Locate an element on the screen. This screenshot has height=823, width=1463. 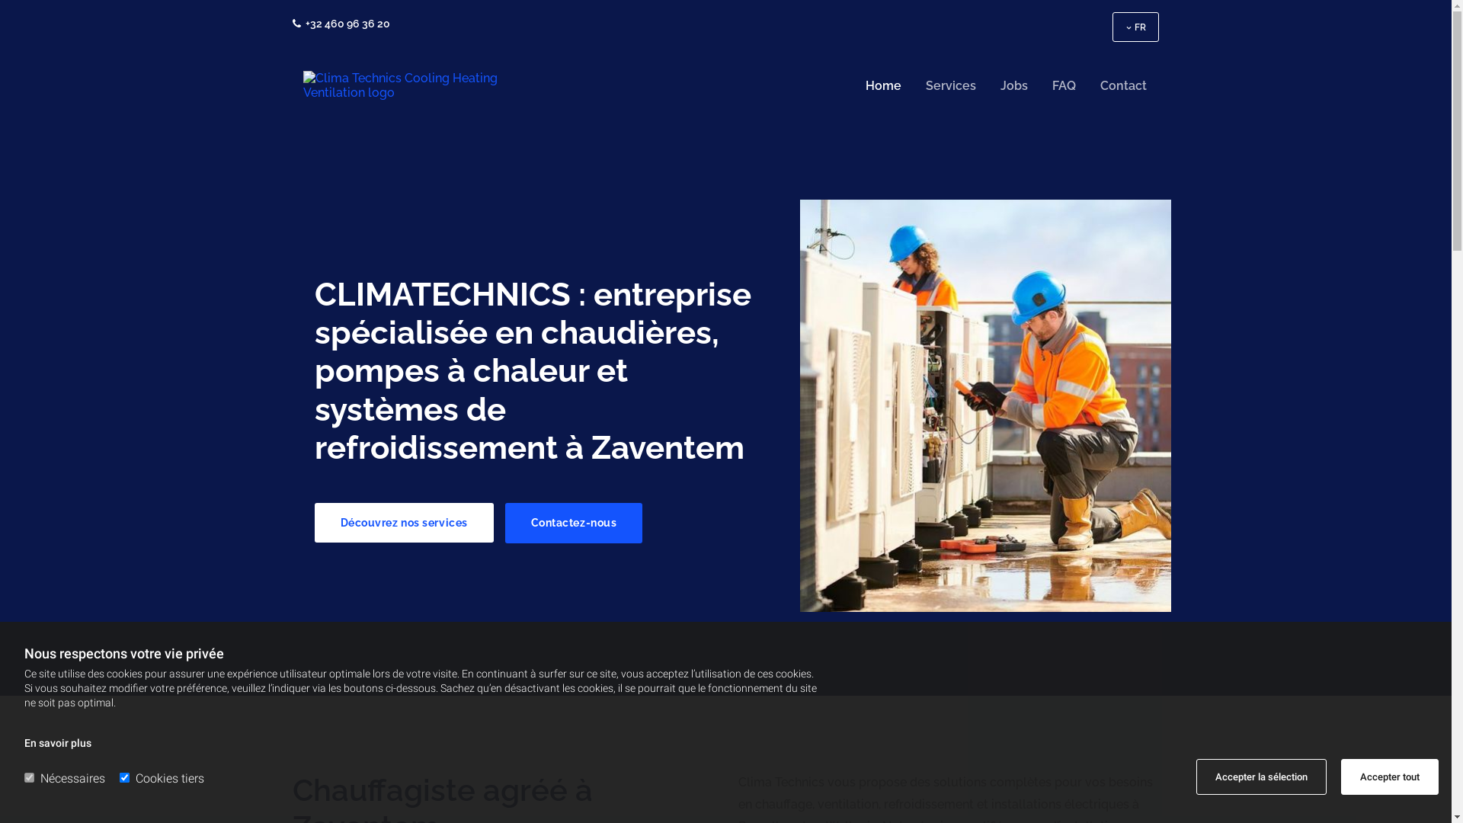
'En savoir plus' is located at coordinates (58, 742).